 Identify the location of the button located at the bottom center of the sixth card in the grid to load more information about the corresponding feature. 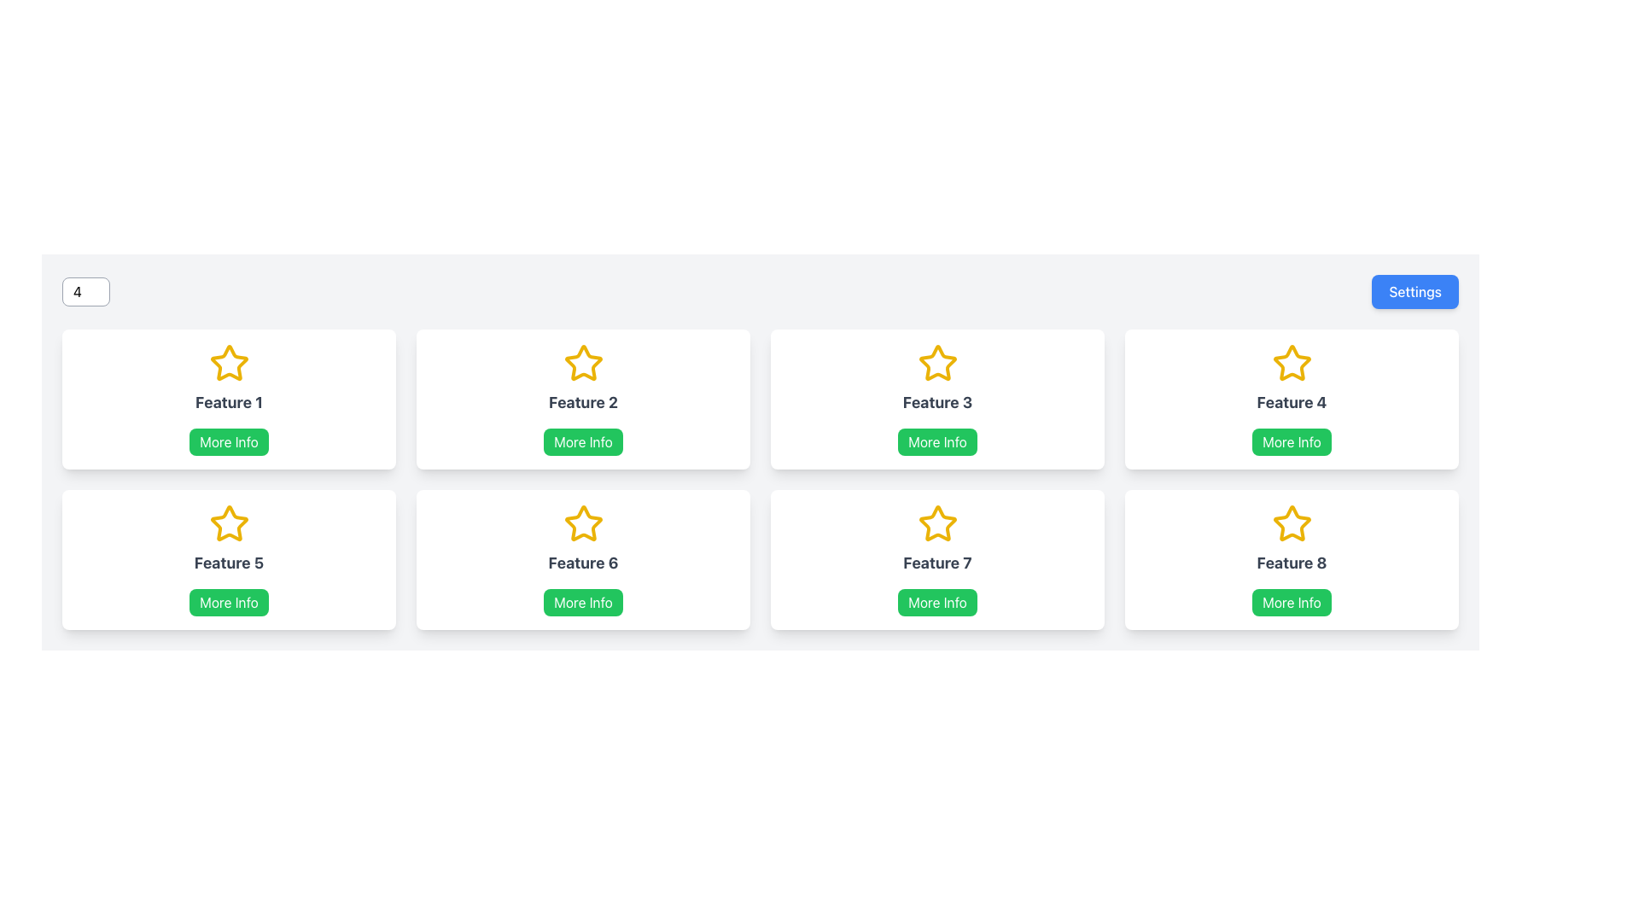
(583, 601).